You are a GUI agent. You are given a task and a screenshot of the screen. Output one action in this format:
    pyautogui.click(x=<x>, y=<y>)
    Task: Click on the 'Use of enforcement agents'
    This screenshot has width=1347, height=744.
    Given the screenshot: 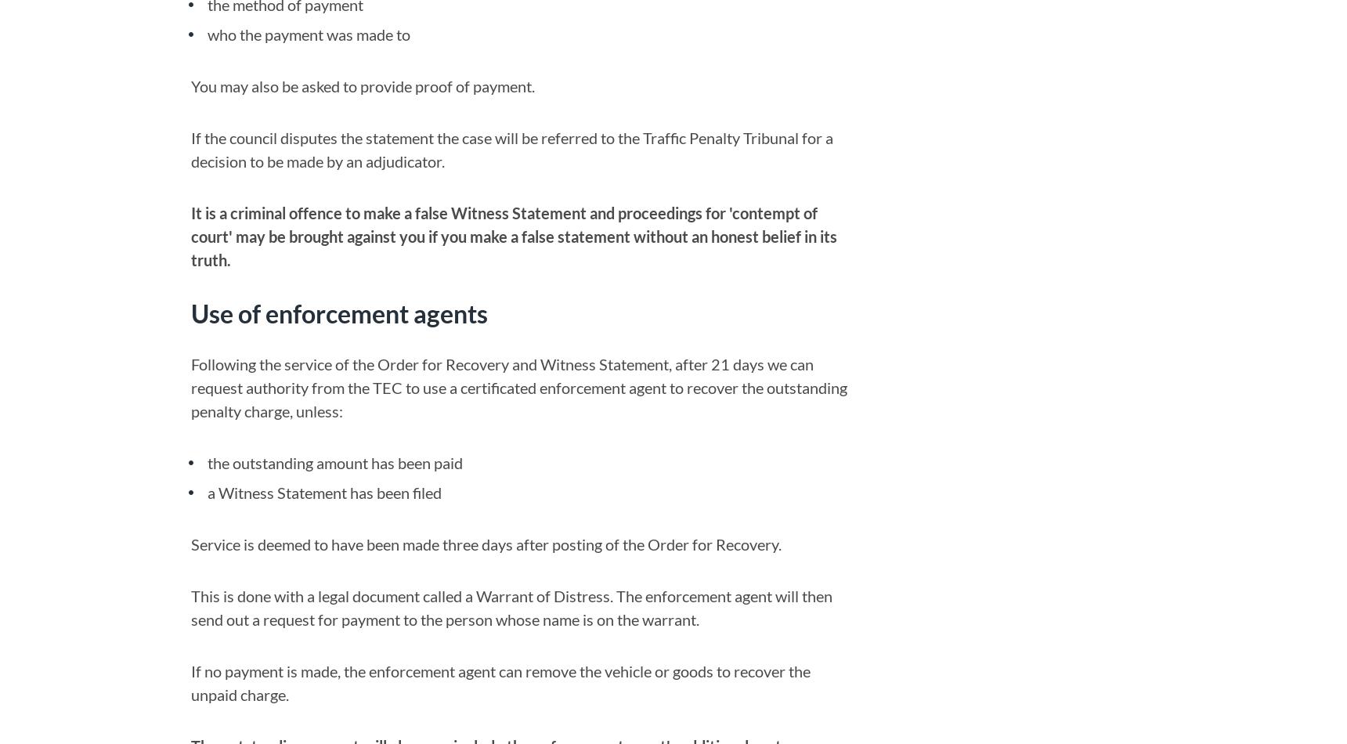 What is the action you would take?
    pyautogui.click(x=338, y=312)
    